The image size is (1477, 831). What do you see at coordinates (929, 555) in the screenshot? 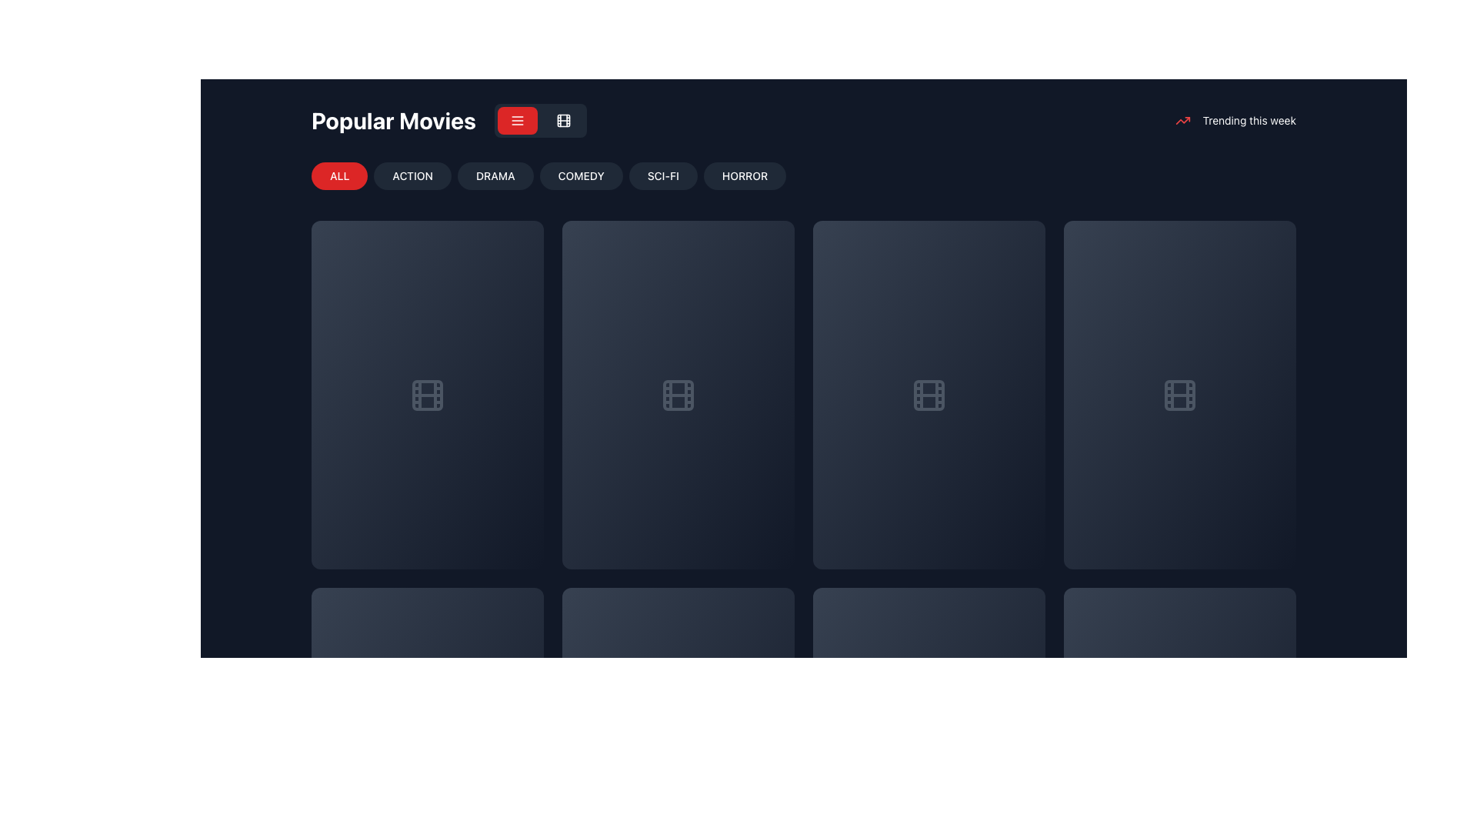
I see `the progress bar located at the bottom of the third tile in the interface to indicate its completion percentage visually` at bounding box center [929, 555].